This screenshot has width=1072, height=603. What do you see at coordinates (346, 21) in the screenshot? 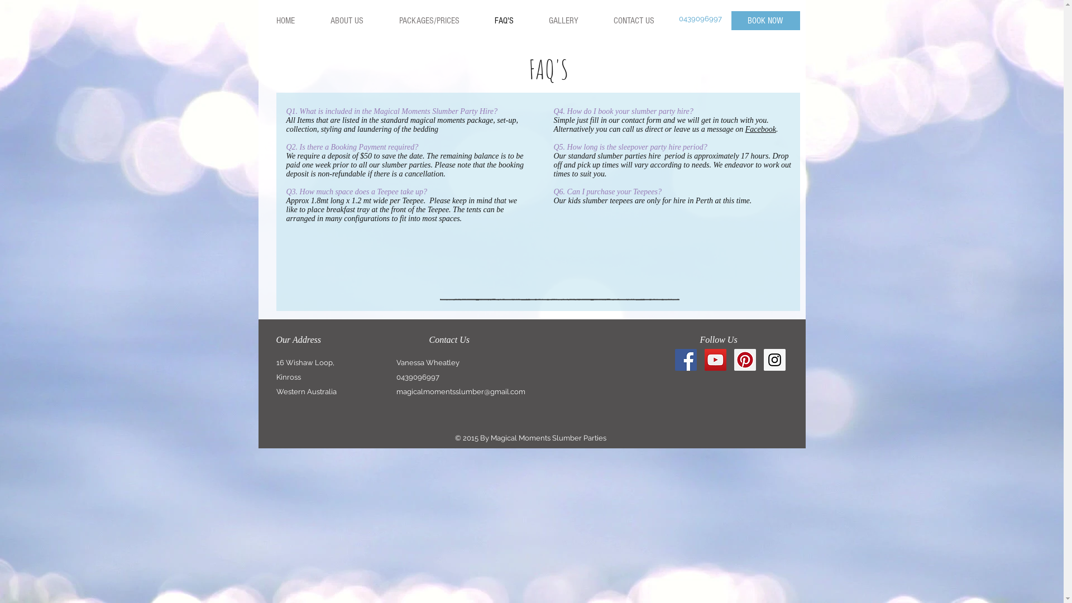
I see `'ABOUT US'` at bounding box center [346, 21].